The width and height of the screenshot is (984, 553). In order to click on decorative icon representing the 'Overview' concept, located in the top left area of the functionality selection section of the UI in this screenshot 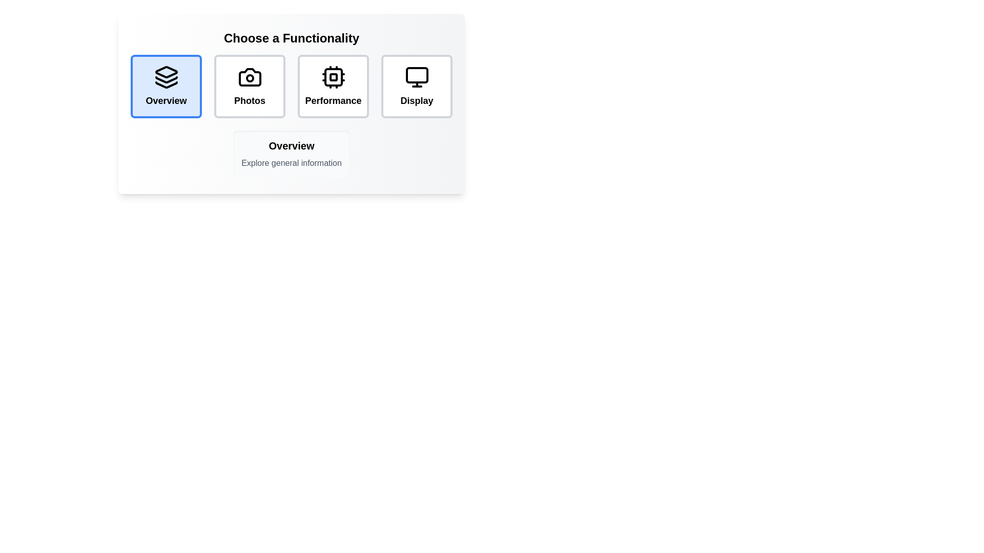, I will do `click(166, 79)`.